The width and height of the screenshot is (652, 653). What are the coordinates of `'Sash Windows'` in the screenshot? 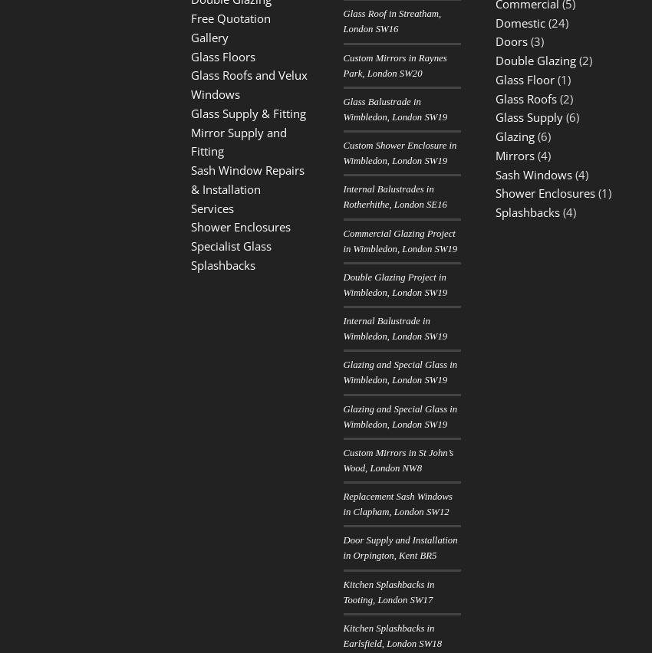 It's located at (532, 172).